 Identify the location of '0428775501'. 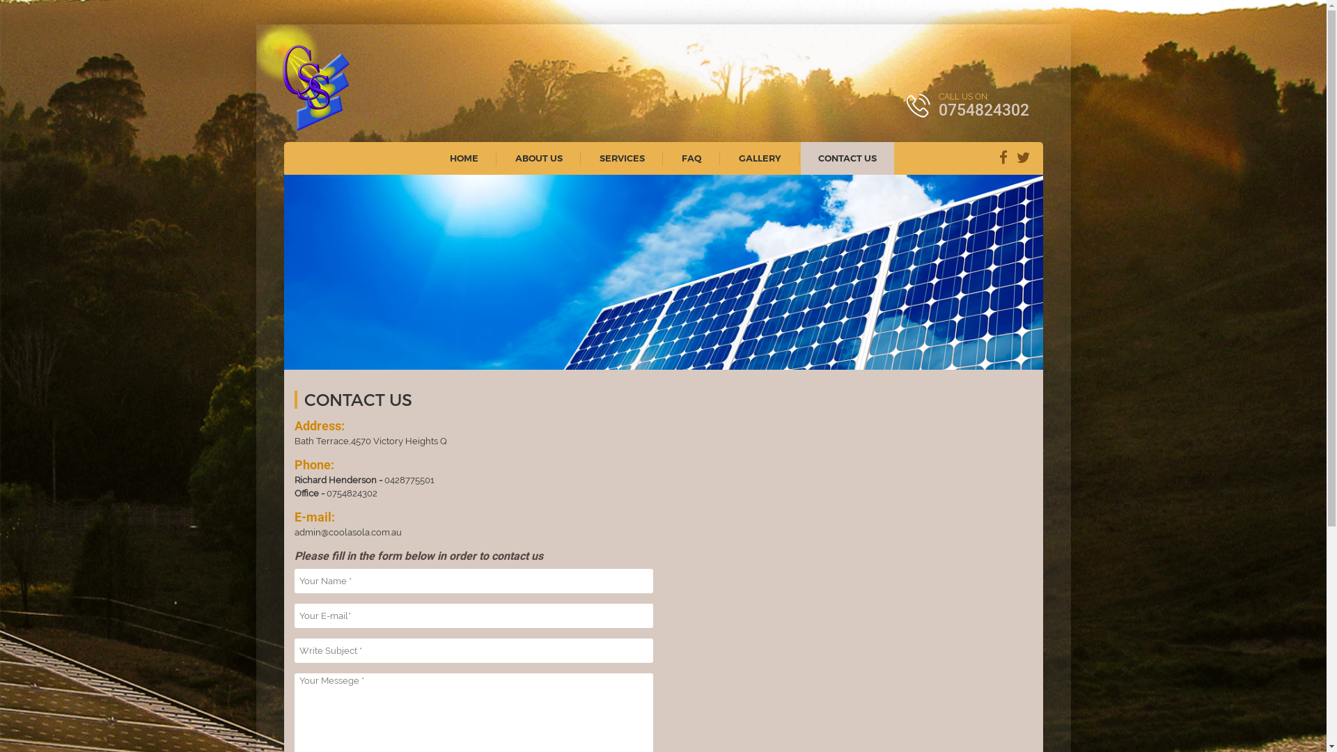
(409, 479).